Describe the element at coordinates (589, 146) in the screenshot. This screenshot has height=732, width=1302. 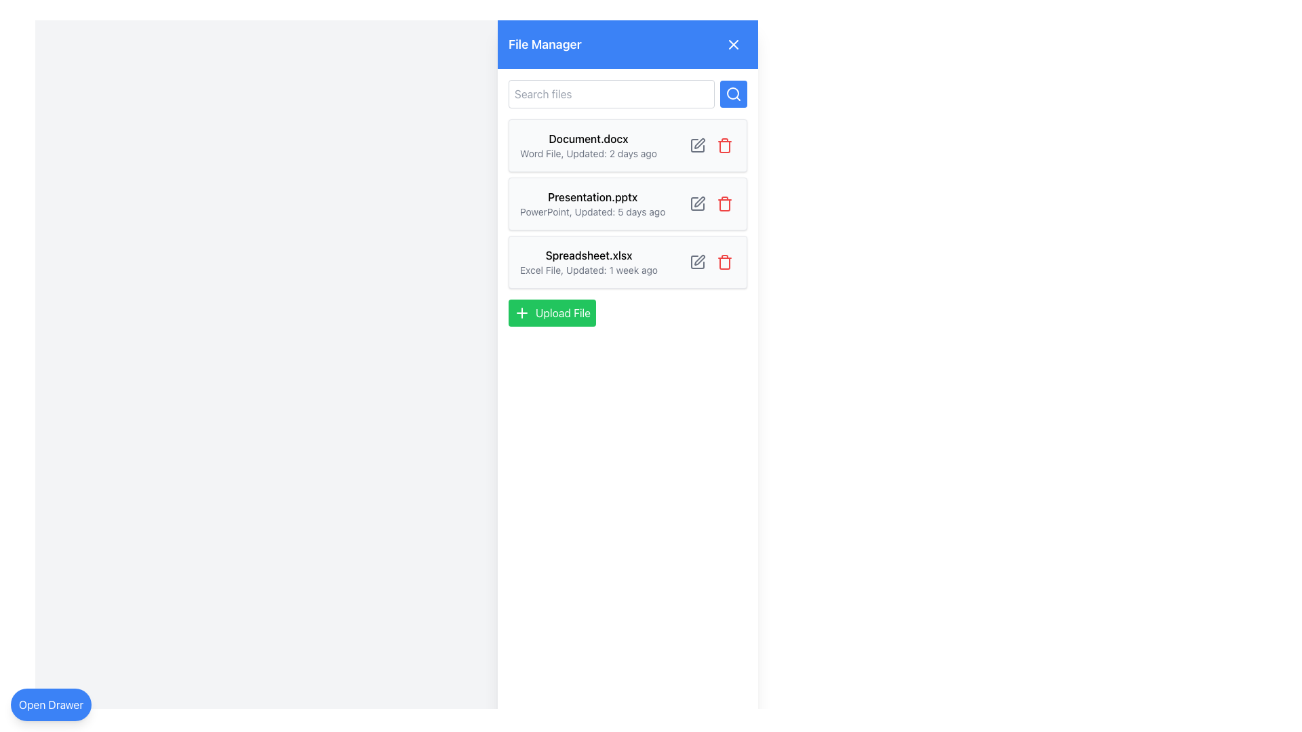
I see `text information from the first item in the file list, which displays 'Document.docx' in bold and 'Word File, Updated: 2 days ago' in smaller gray text within the 'File Manager' interface` at that location.